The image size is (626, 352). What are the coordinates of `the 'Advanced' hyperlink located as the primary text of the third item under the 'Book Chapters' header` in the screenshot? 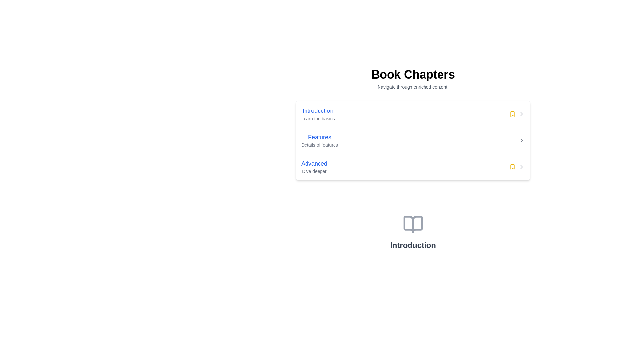 It's located at (314, 163).